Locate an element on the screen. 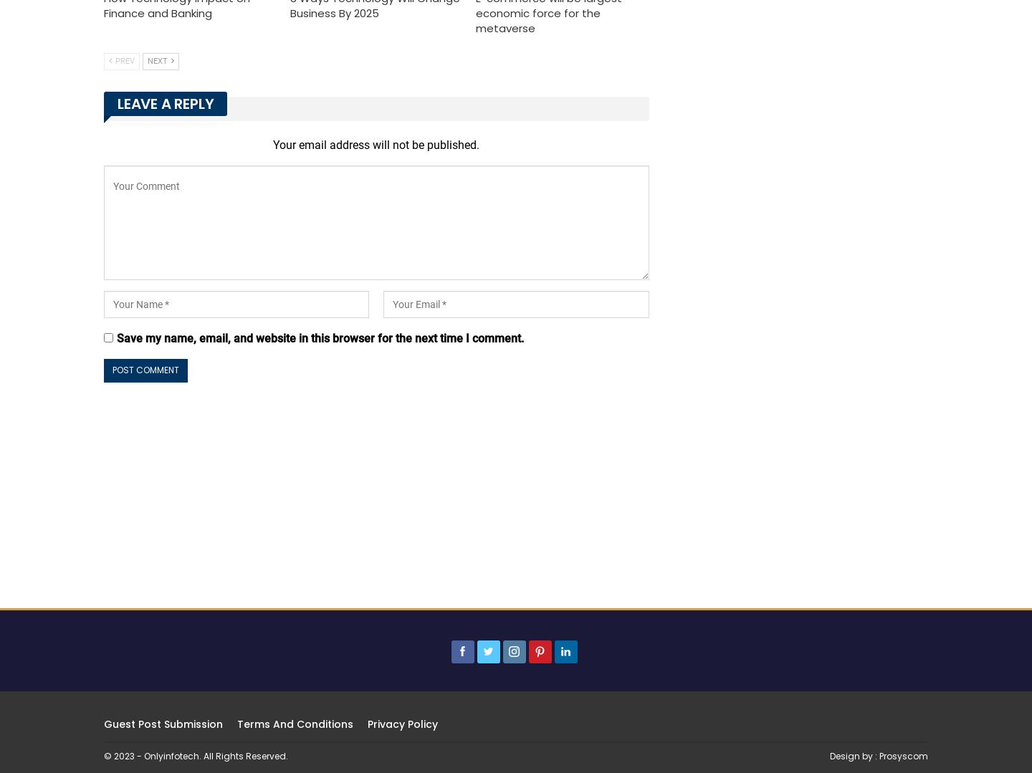  'Design by :' is located at coordinates (854, 754).